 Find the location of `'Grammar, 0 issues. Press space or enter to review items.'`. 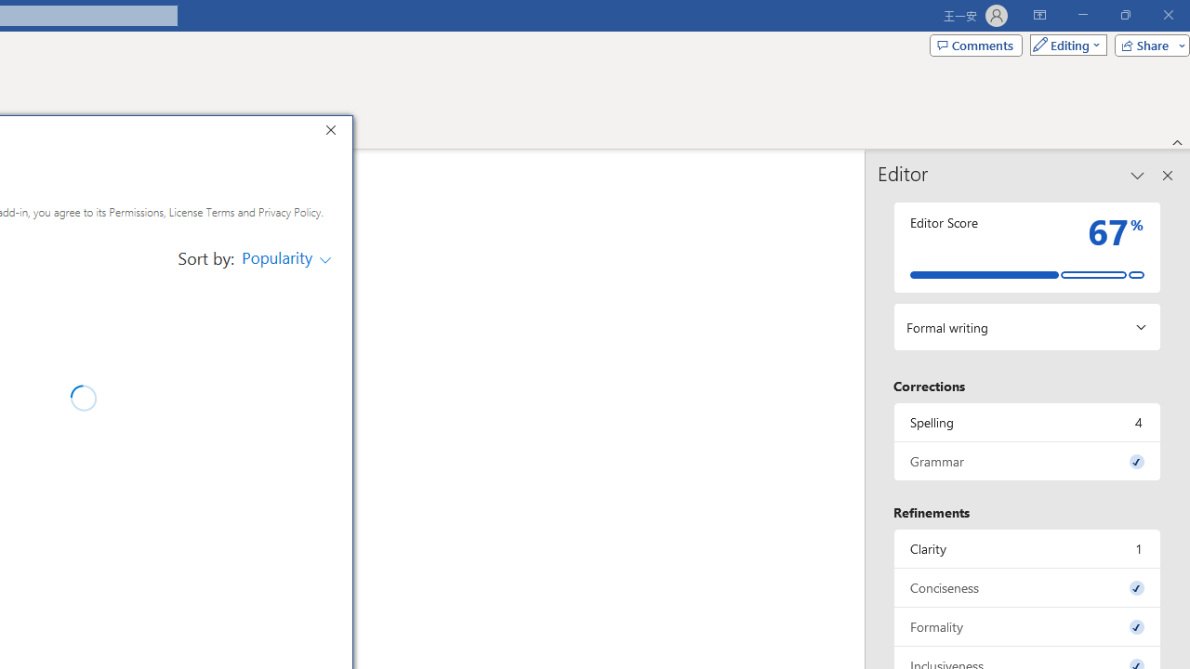

'Grammar, 0 issues. Press space or enter to review items.' is located at coordinates (1026, 460).